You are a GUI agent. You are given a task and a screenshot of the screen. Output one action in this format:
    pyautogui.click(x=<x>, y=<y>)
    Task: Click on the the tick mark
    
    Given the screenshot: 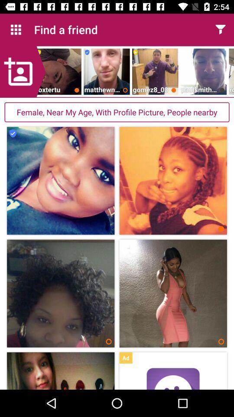 What is the action you would take?
    pyautogui.click(x=13, y=133)
    